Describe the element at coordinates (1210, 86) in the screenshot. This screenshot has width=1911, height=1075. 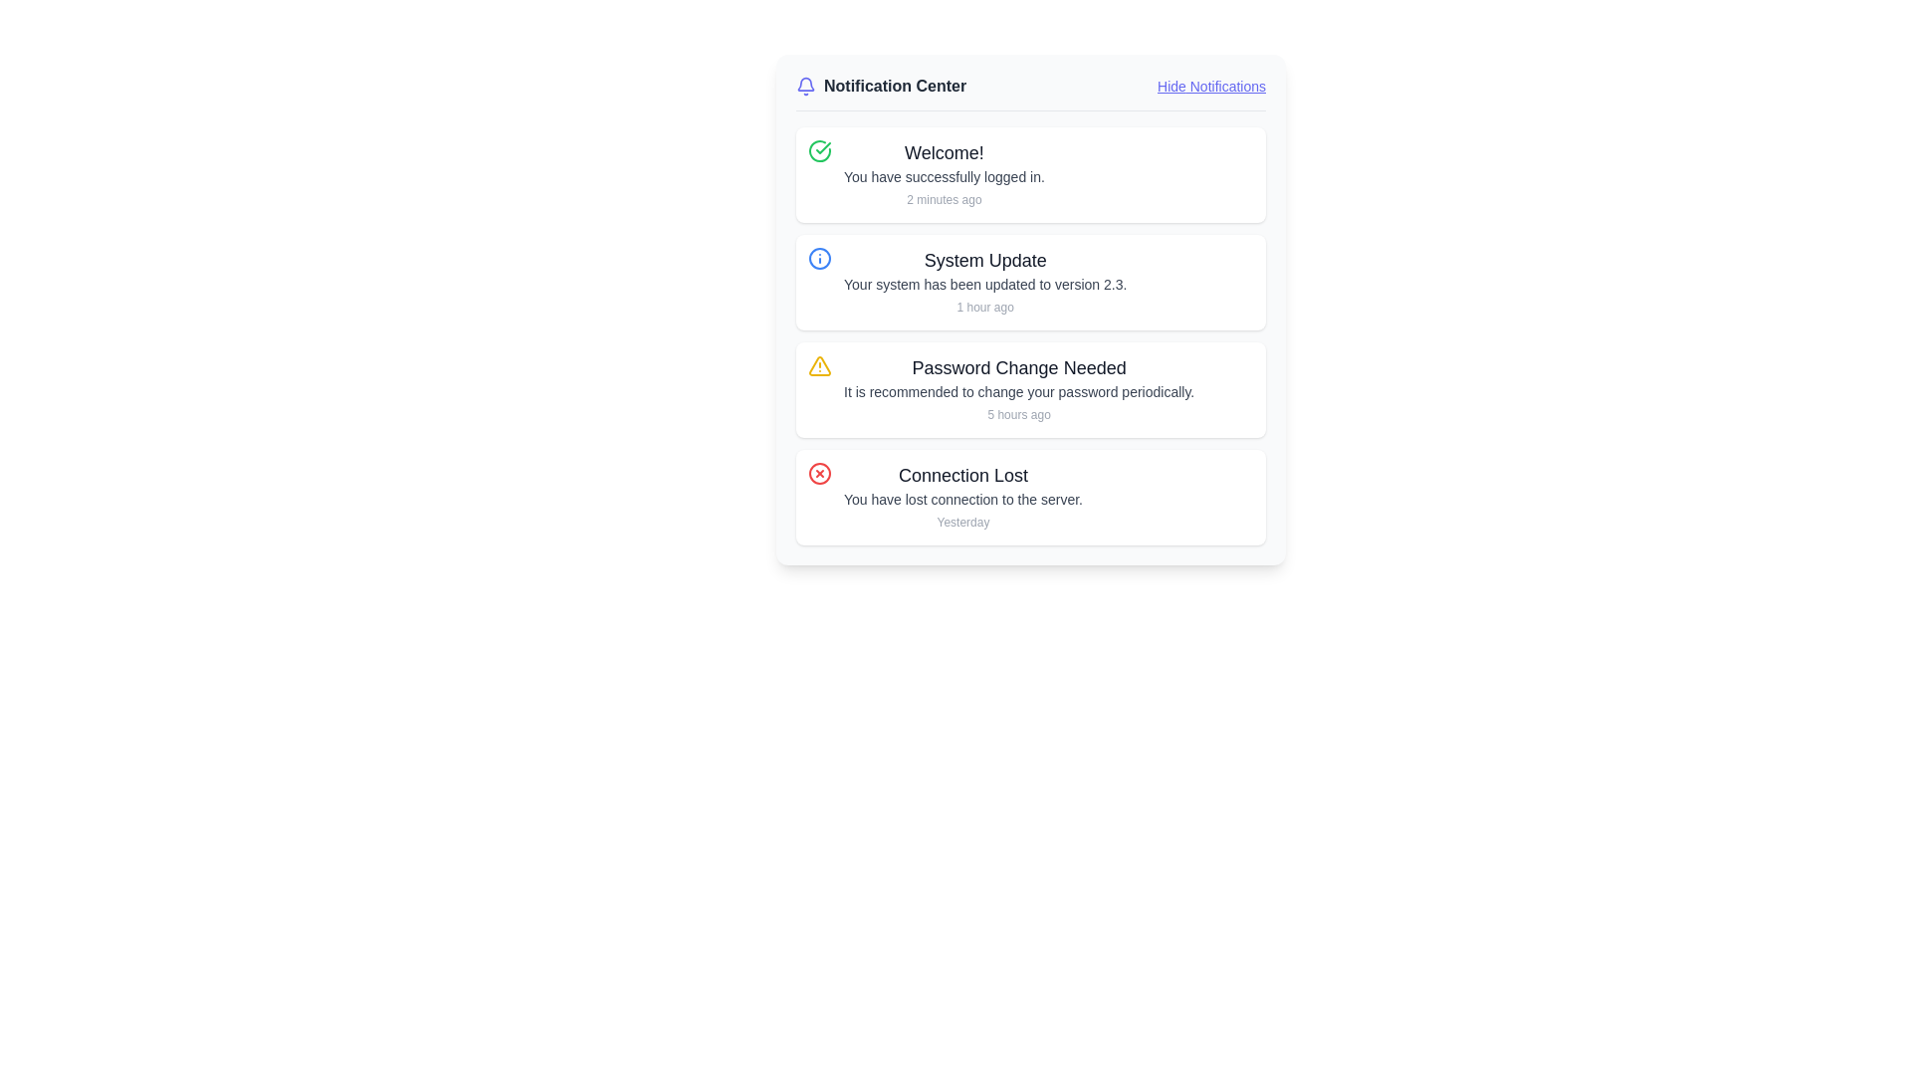
I see `the hyperlink styled as underlined indigo-blue text displaying 'Hide Notifications'` at that location.